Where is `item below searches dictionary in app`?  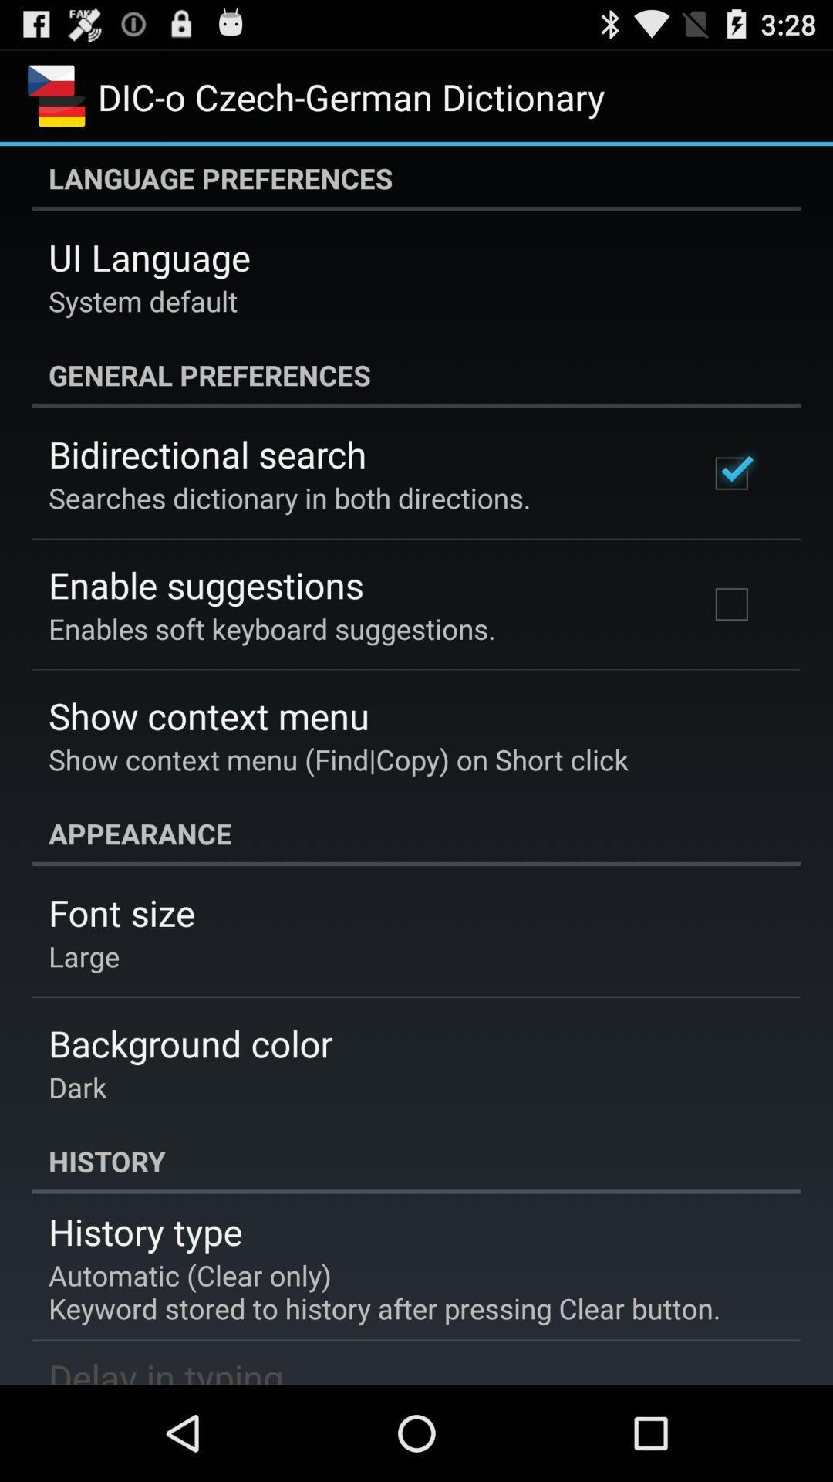 item below searches dictionary in app is located at coordinates (205, 584).